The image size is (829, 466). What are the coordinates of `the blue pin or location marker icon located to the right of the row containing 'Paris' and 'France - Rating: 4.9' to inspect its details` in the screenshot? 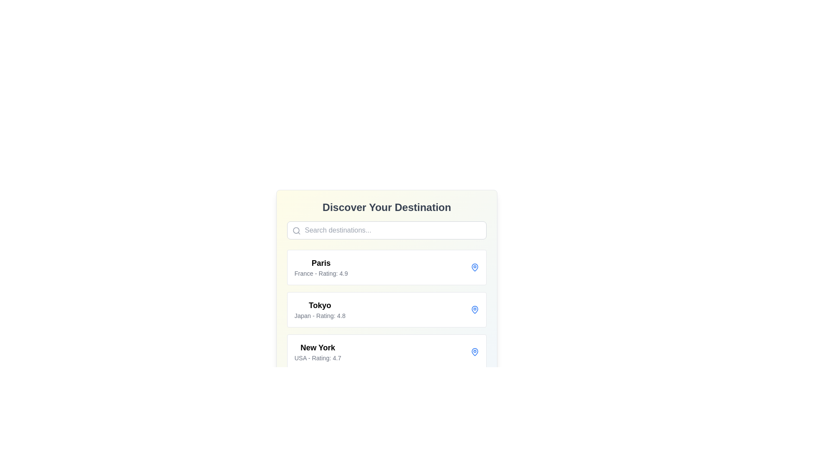 It's located at (474, 267).